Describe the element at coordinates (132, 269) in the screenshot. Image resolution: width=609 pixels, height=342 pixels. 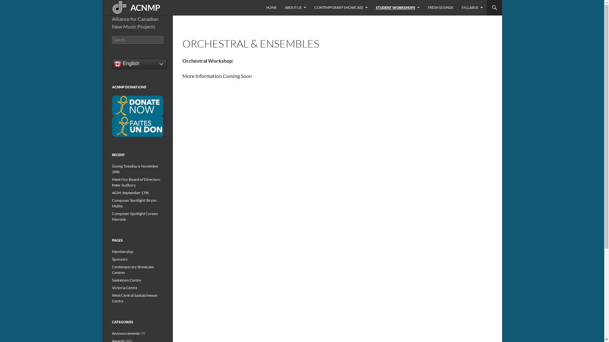
I see `'Contemporary Showcase Centres'` at that location.